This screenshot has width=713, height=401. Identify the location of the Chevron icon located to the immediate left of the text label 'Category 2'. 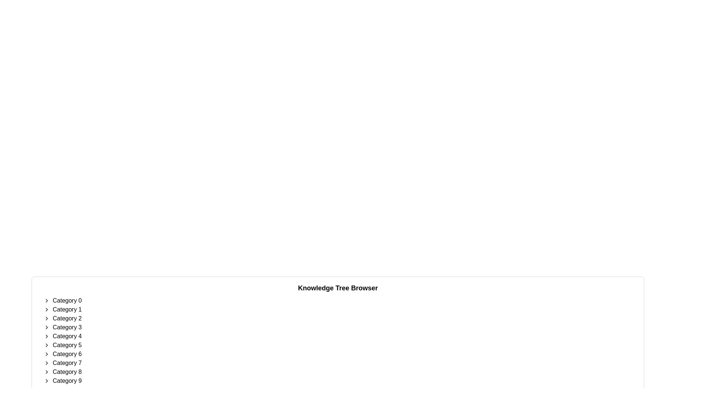
(46, 318).